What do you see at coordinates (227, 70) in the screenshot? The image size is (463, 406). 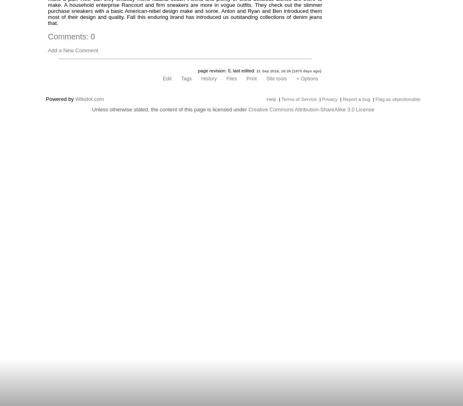 I see `'page revision: 0, last edited:'` at bounding box center [227, 70].